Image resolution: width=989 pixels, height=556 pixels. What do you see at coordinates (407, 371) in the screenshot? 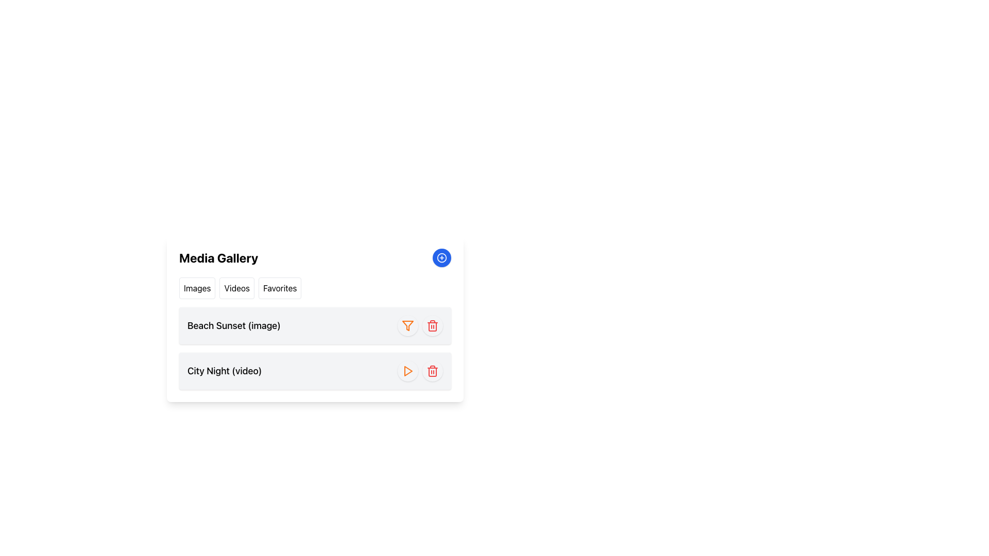
I see `the playback button` at bounding box center [407, 371].